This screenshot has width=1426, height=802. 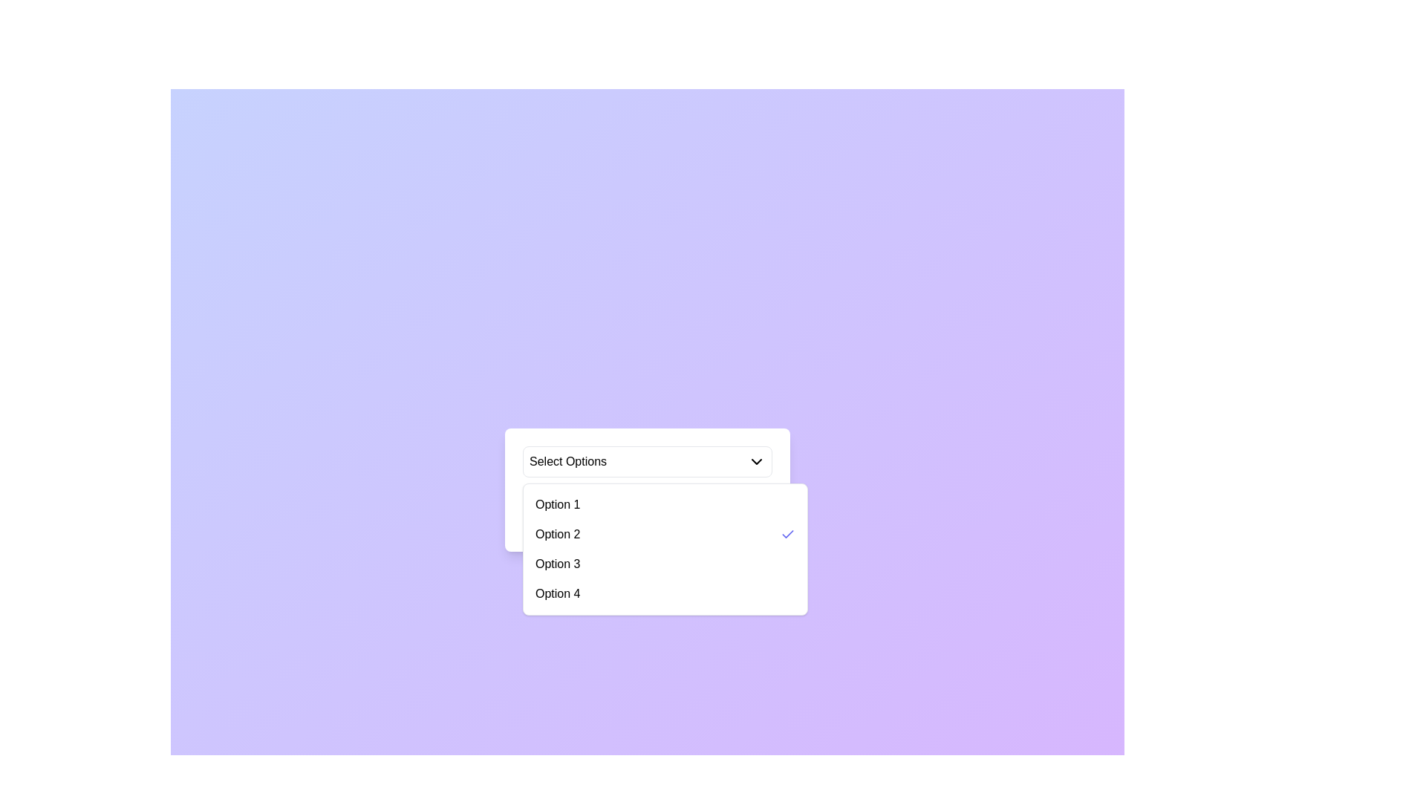 What do you see at coordinates (787, 532) in the screenshot?
I see `the checkmark icon that signifies selection confirmation for 'Option 2' in the dropdown menu` at bounding box center [787, 532].